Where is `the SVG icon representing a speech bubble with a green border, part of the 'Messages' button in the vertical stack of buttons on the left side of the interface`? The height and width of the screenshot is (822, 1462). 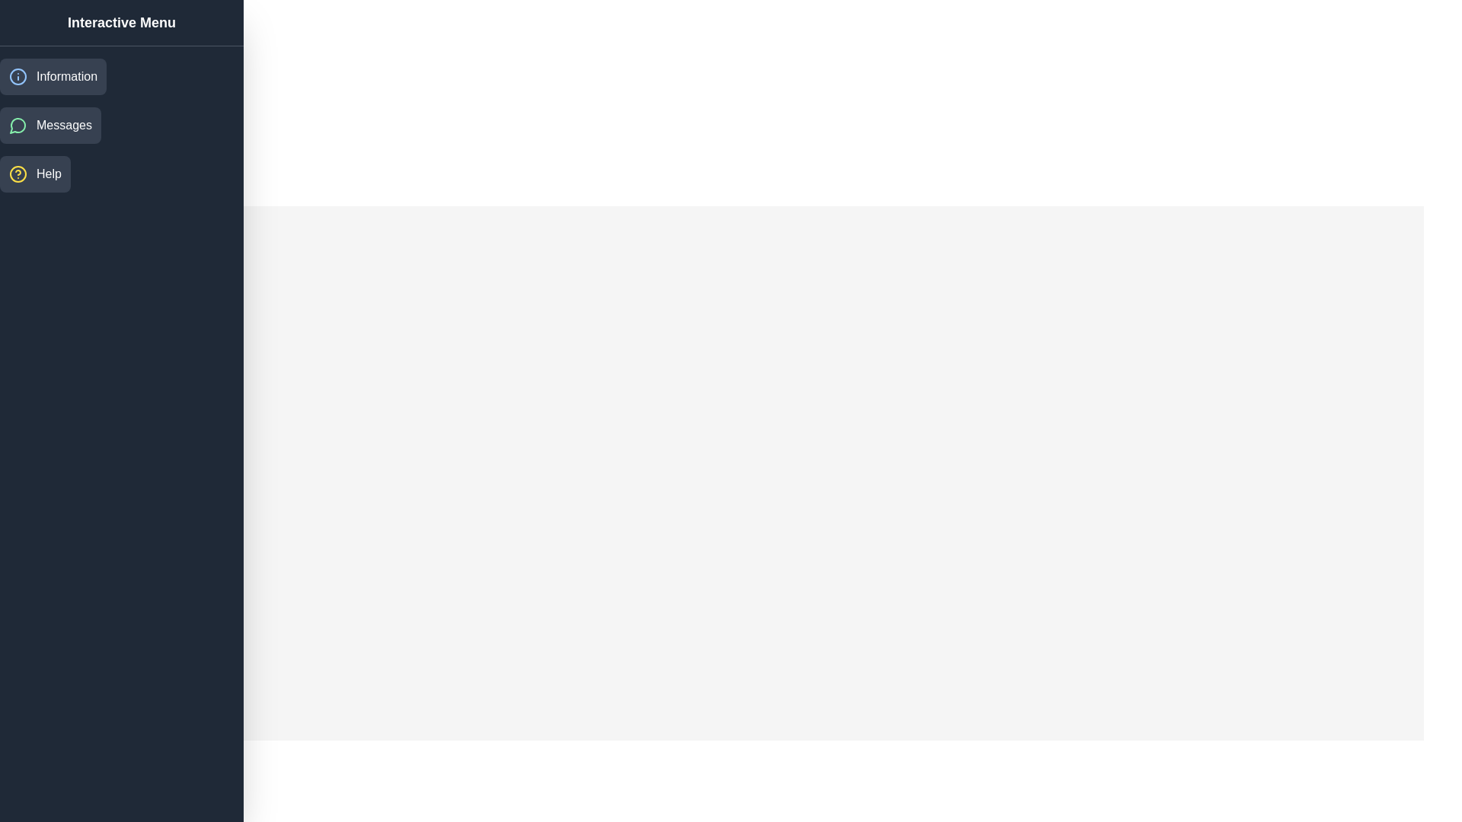 the SVG icon representing a speech bubble with a green border, part of the 'Messages' button in the vertical stack of buttons on the left side of the interface is located at coordinates (18, 125).